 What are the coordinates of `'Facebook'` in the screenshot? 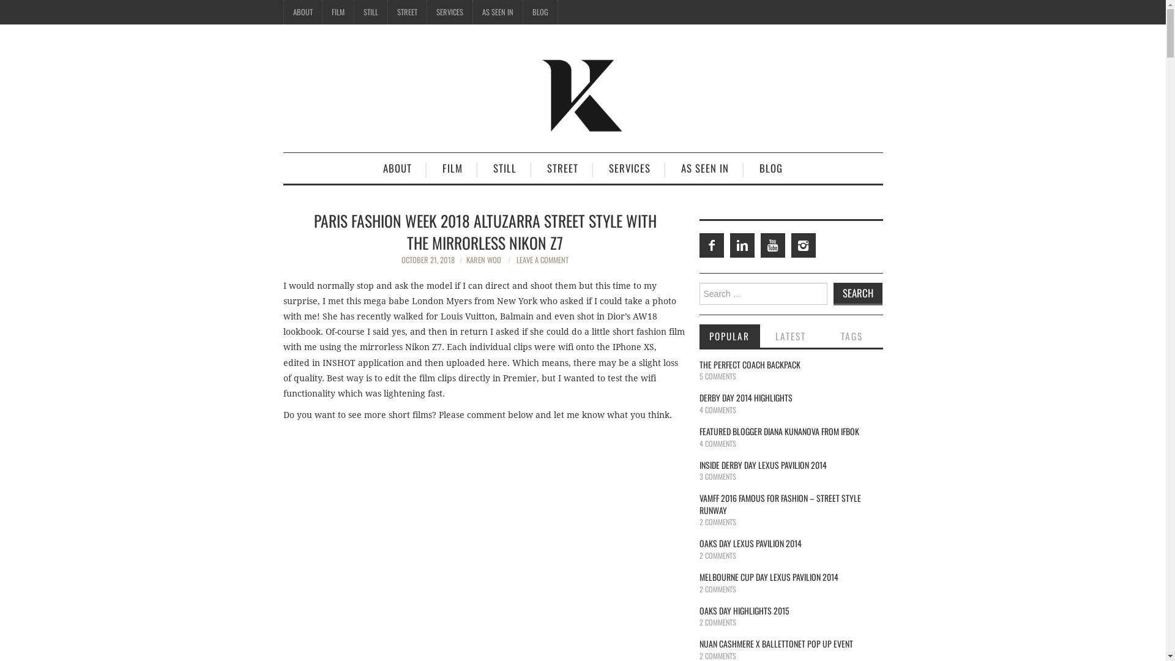 It's located at (699, 245).